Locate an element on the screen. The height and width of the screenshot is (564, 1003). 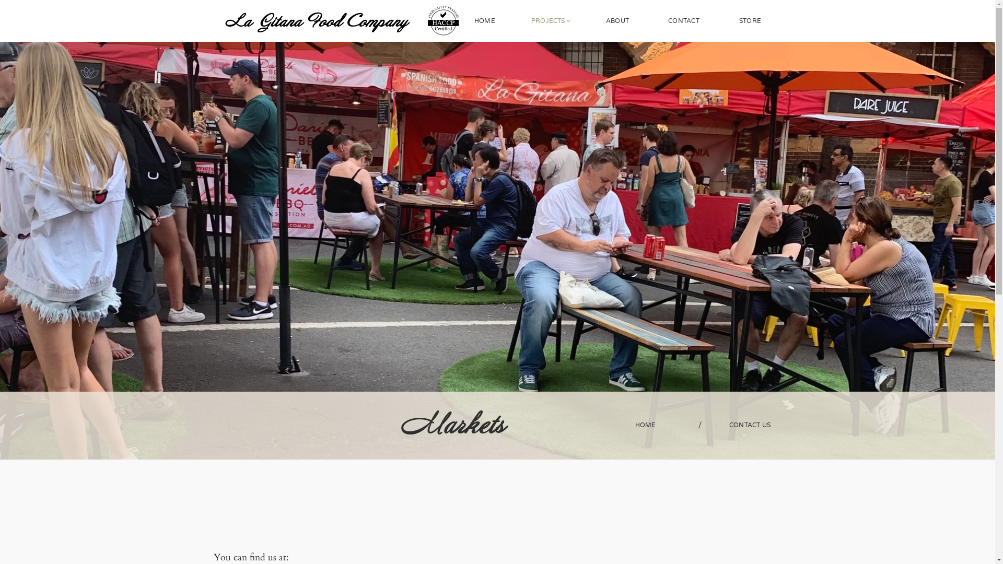
'ABOUT' is located at coordinates (617, 20).